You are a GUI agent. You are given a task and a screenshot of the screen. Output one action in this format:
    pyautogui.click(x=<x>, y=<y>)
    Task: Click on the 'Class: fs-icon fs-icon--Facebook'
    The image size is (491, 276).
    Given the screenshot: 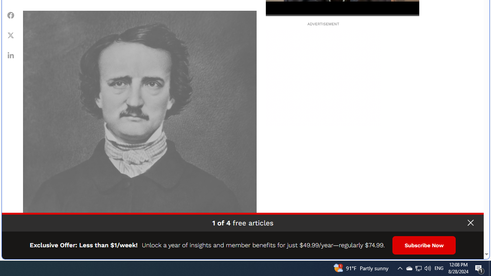 What is the action you would take?
    pyautogui.click(x=11, y=15)
    